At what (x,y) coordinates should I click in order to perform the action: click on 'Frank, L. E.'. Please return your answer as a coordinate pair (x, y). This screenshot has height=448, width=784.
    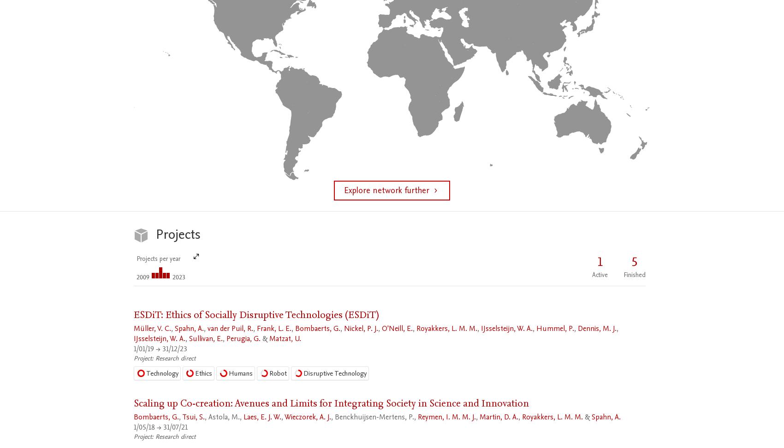
    Looking at the image, I should click on (273, 328).